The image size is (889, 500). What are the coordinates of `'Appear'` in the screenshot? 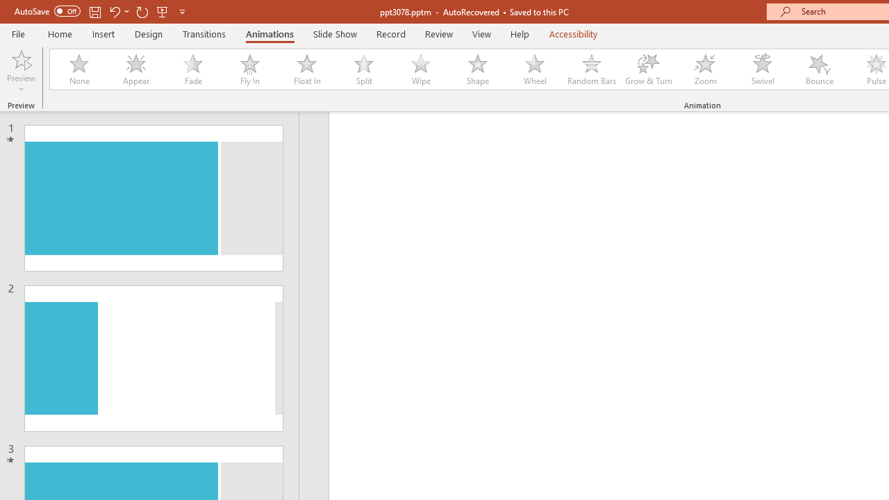 It's located at (135, 69).